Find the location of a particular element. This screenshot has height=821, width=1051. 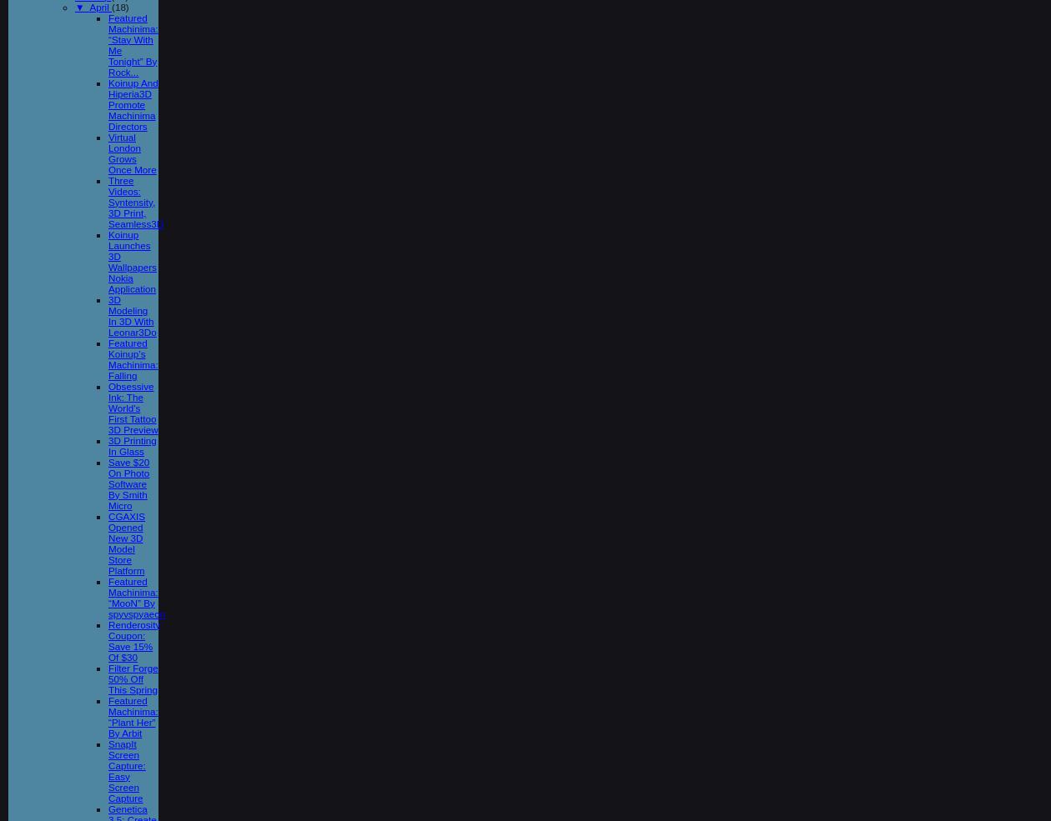

'Featured Machinima: “MooN” By spyvspyaeon' is located at coordinates (137, 596).